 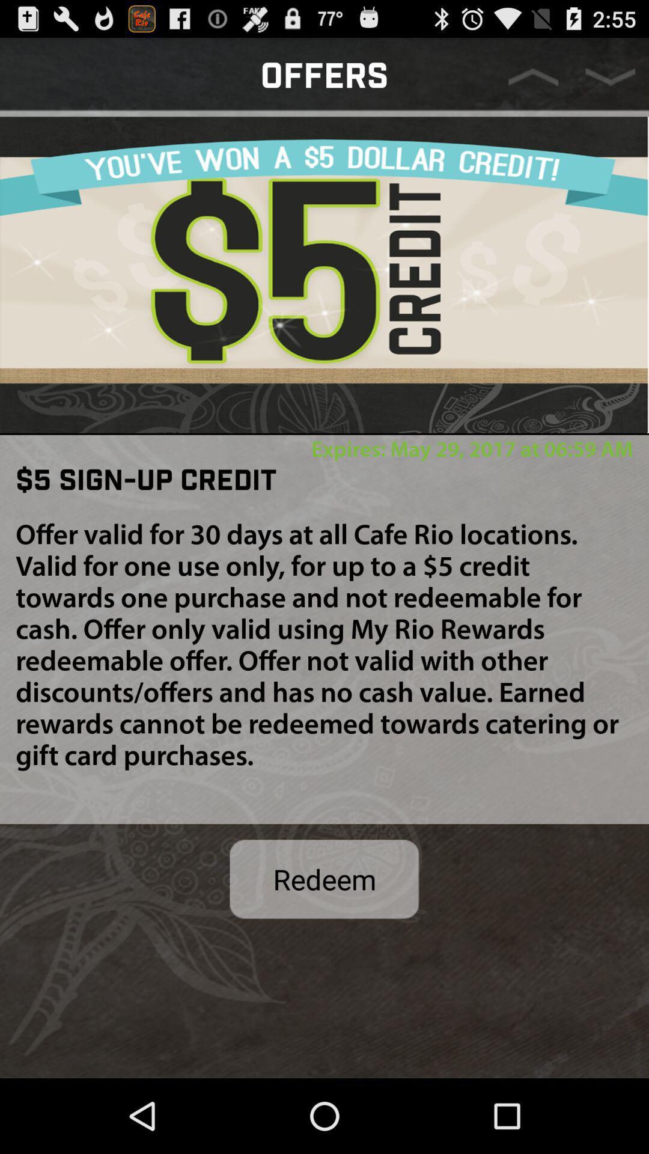 I want to click on the expand_more icon, so click(x=610, y=82).